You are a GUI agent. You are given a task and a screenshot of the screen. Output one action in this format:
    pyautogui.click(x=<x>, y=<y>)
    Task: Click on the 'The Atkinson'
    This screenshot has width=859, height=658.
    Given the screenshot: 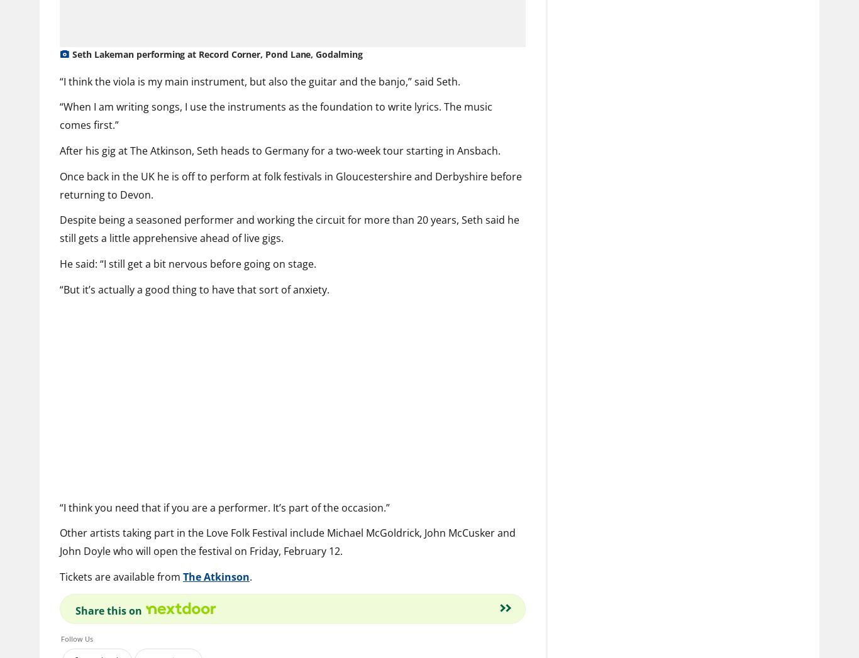 What is the action you would take?
    pyautogui.click(x=182, y=576)
    